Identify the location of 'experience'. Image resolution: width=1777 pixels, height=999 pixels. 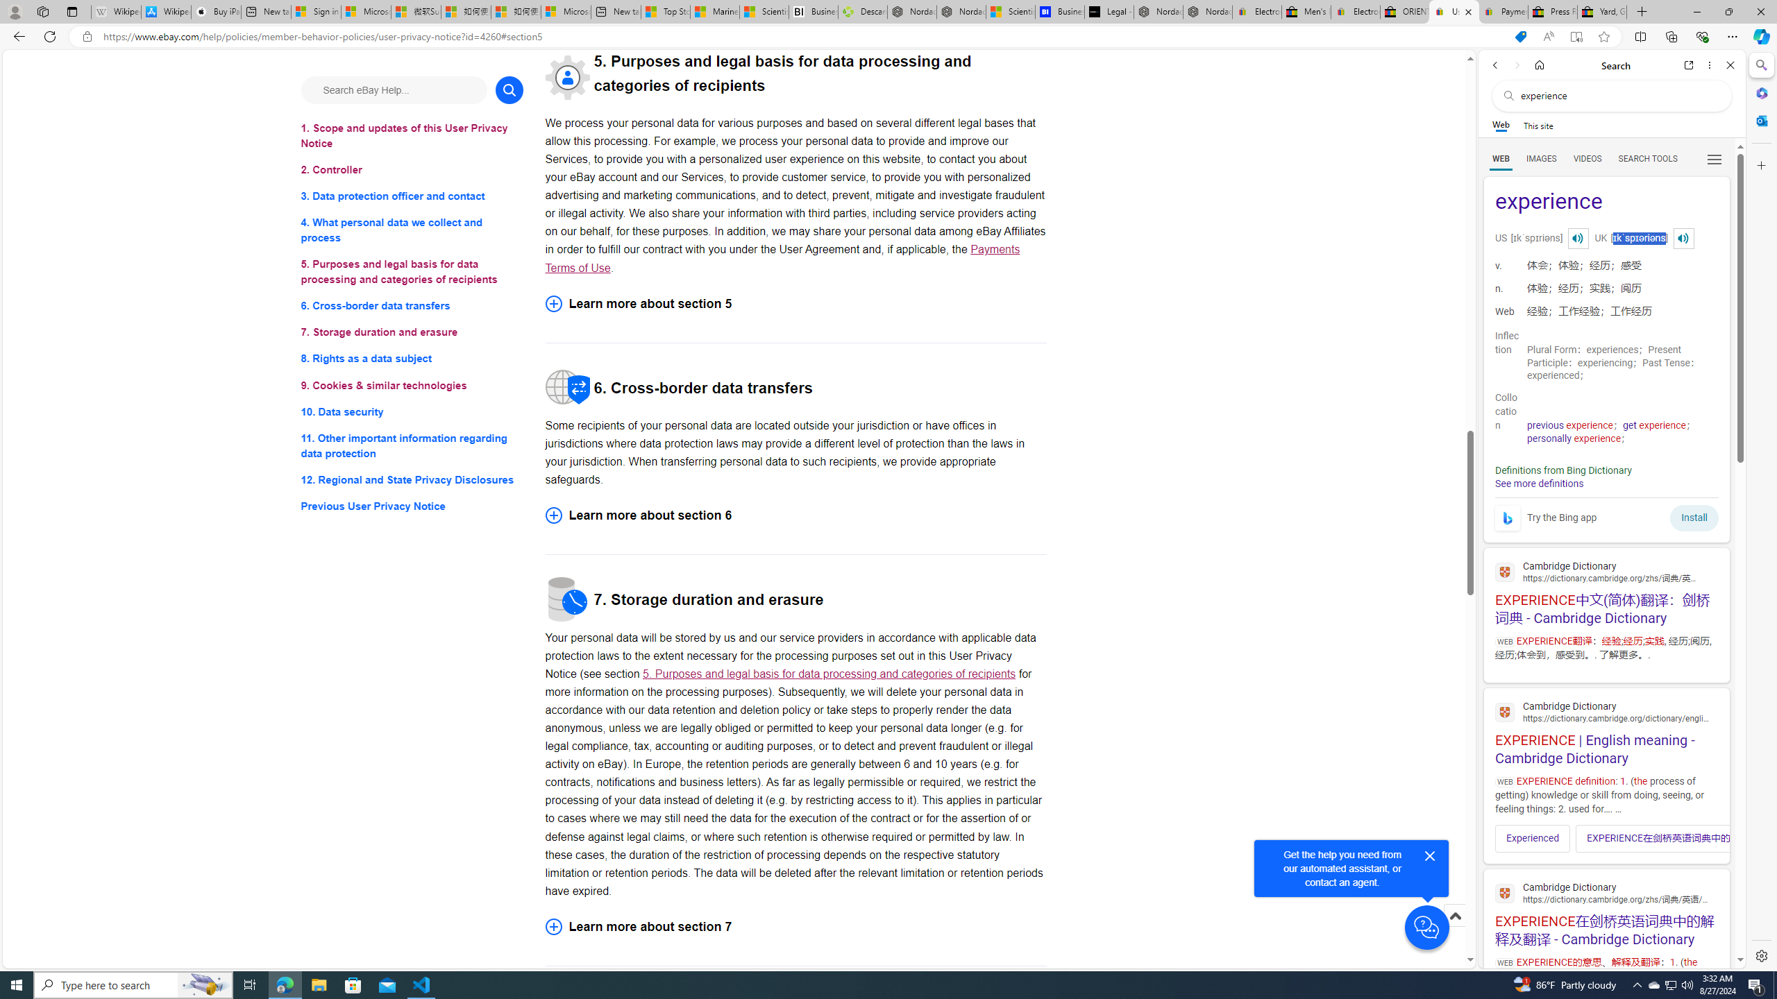
(1606, 202).